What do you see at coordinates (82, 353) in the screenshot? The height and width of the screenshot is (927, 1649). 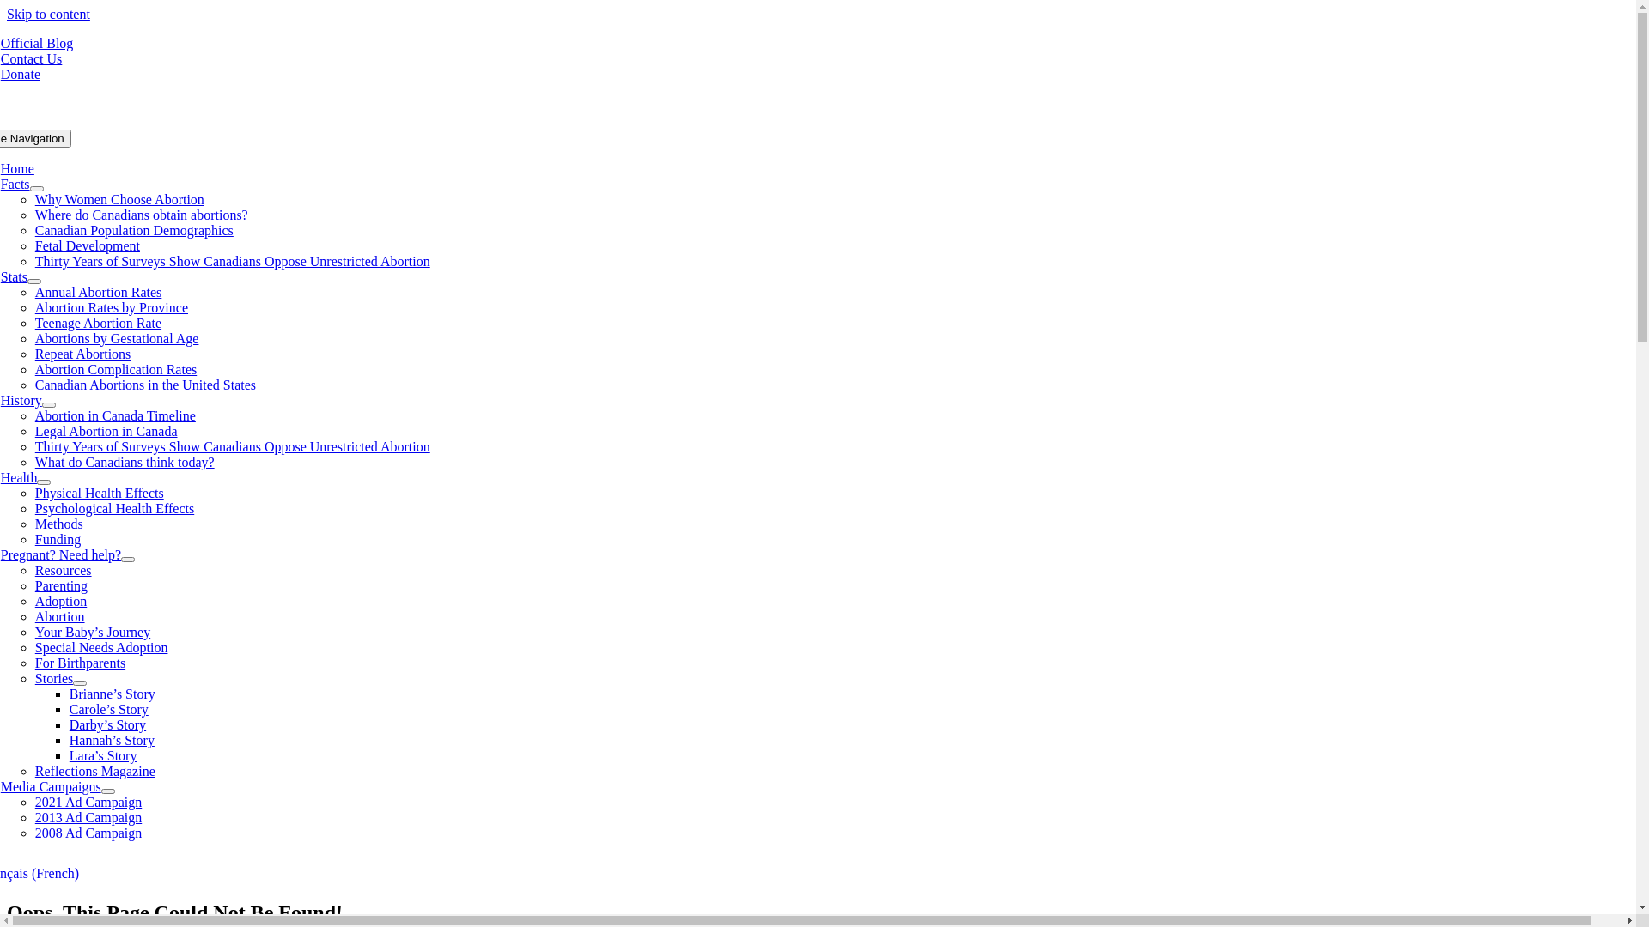 I see `'Repeat Abortions'` at bounding box center [82, 353].